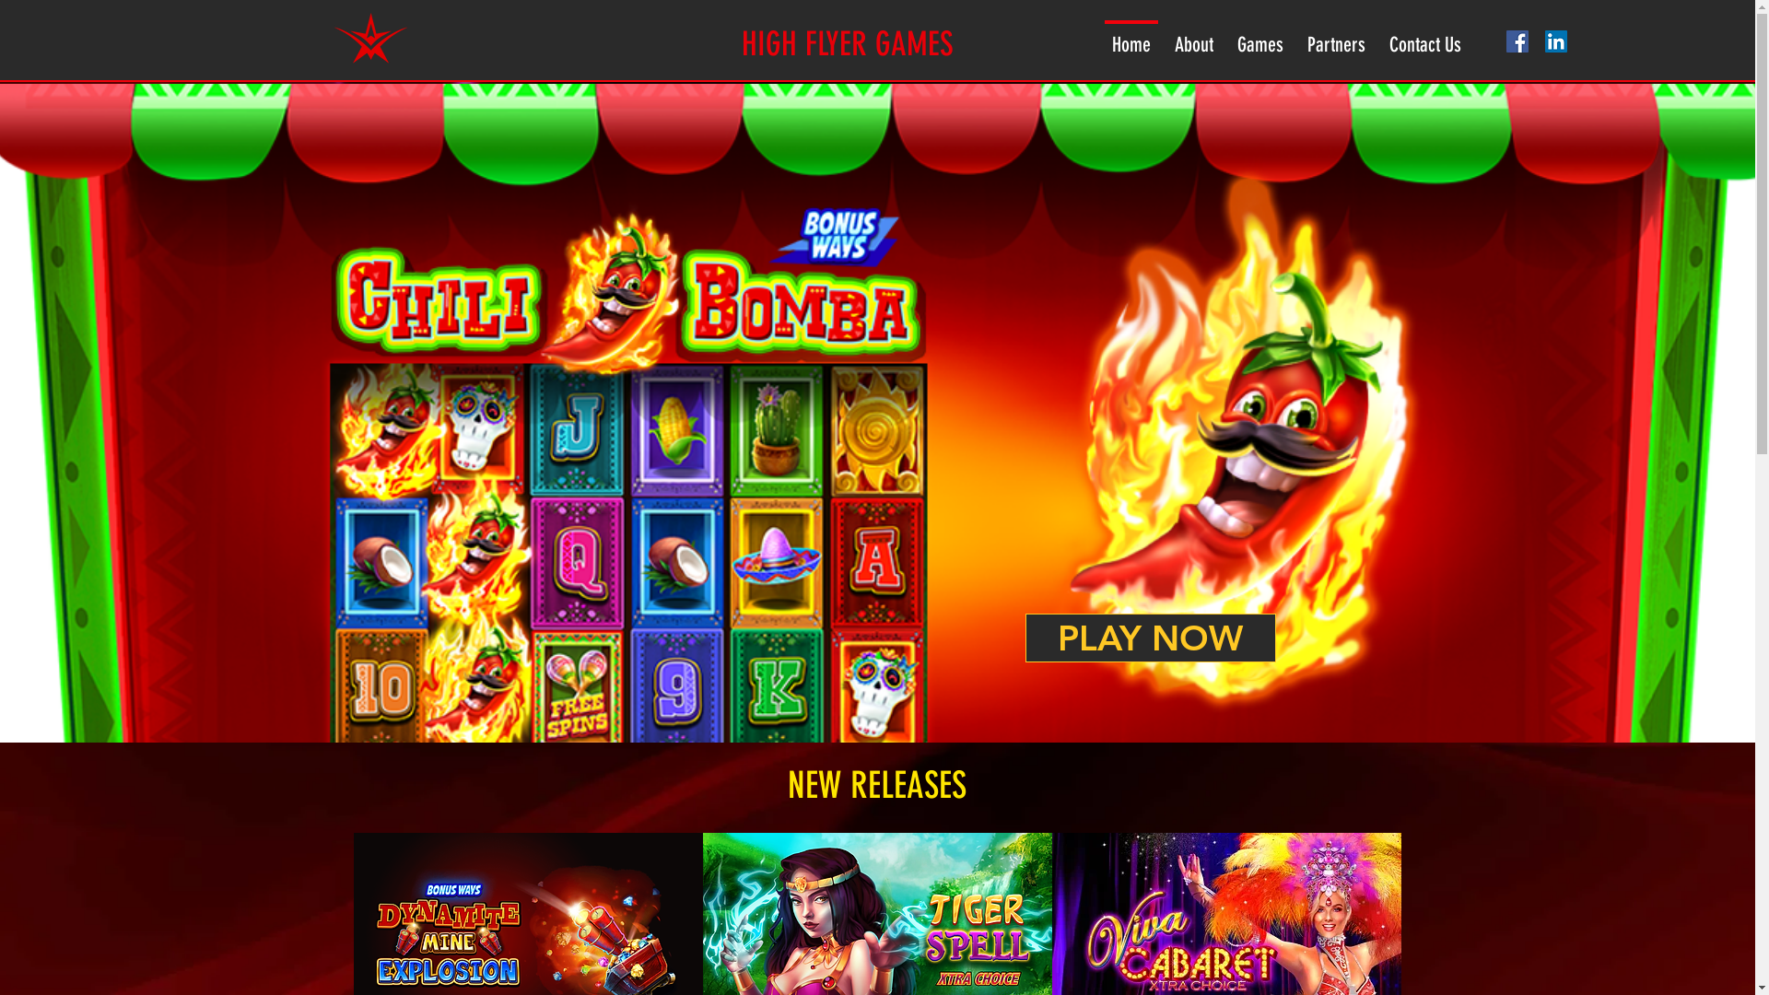 This screenshot has width=1769, height=995. What do you see at coordinates (1336, 36) in the screenshot?
I see `'Partners'` at bounding box center [1336, 36].